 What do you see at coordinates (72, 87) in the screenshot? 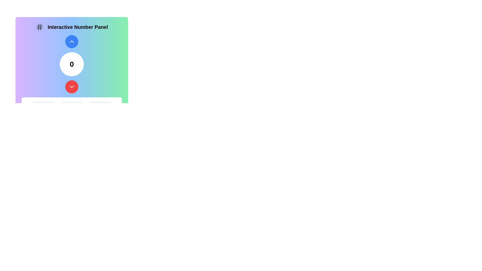
I see `the SVG icon representing a downward action inside the red circular button` at bounding box center [72, 87].